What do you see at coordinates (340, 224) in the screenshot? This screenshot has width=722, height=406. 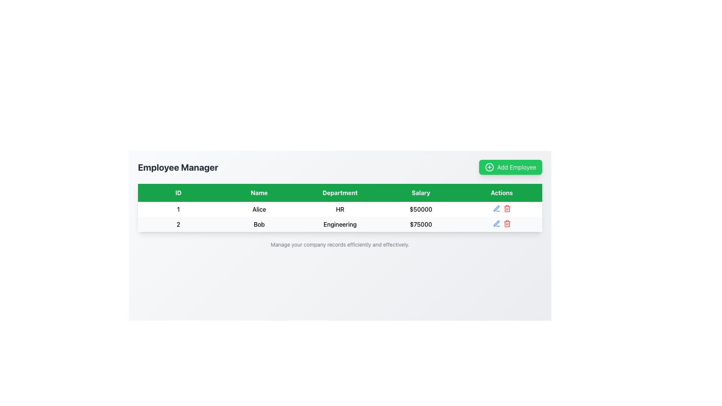 I see `the table cell displaying the department information for the employee named 'Bob', located in the third column under the header 'Department'` at bounding box center [340, 224].